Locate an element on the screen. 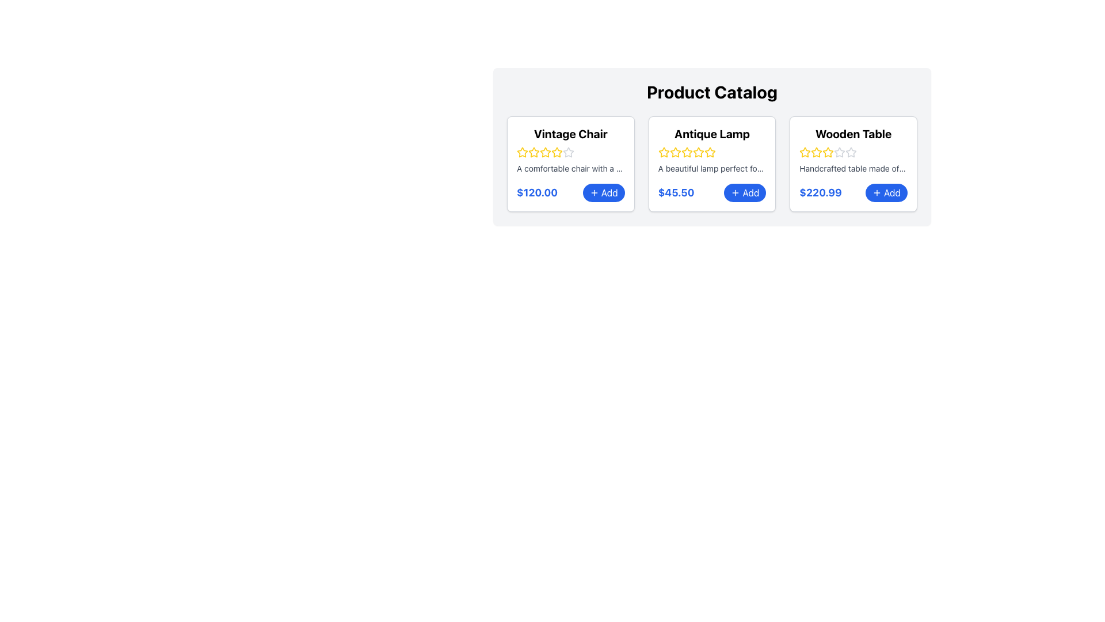  the second filled star icon representing the rating for the Wooden Table in the Product Catalog section is located at coordinates (816, 152).